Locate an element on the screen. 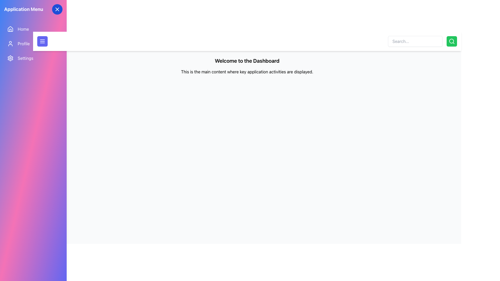  the house-shaped icon in the sidebar menu, located next to the 'Home' text label is located at coordinates (10, 29).